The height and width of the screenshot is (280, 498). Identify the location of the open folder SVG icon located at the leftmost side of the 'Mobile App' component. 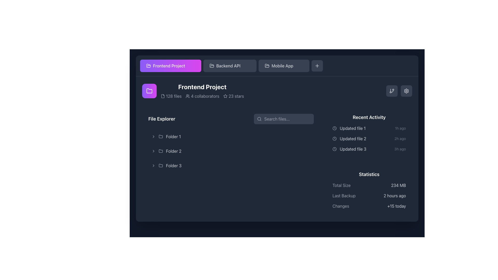
(267, 66).